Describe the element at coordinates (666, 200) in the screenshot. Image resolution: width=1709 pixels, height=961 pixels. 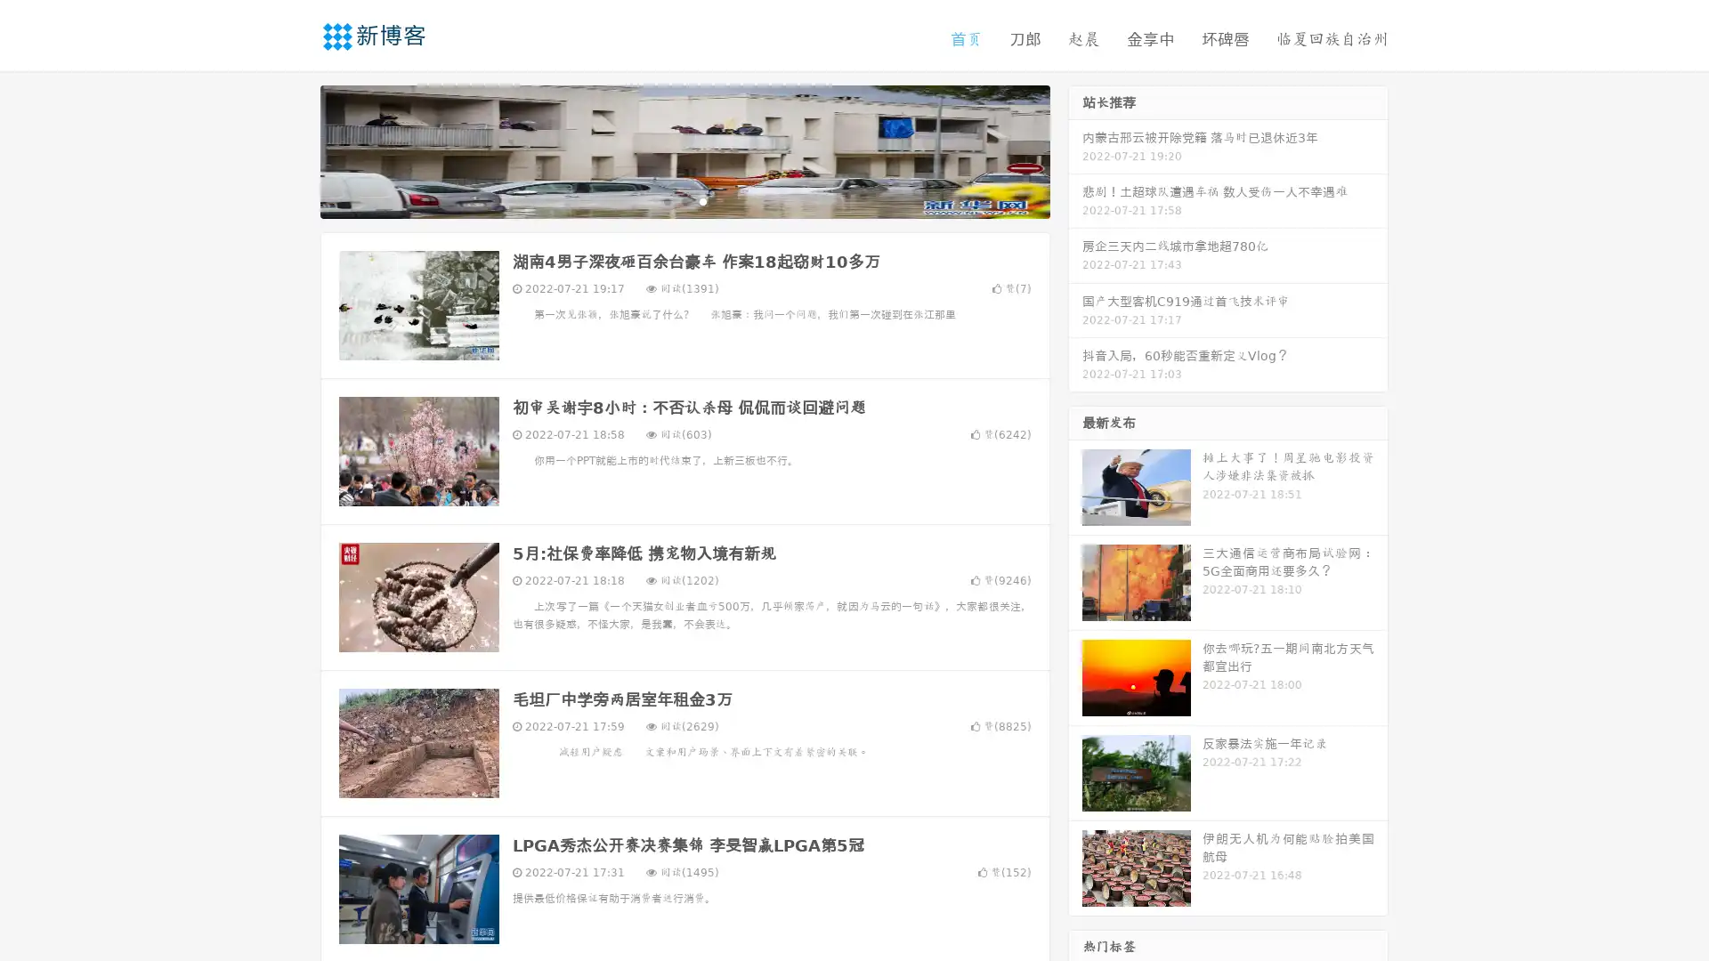
I see `Go to slide 1` at that location.